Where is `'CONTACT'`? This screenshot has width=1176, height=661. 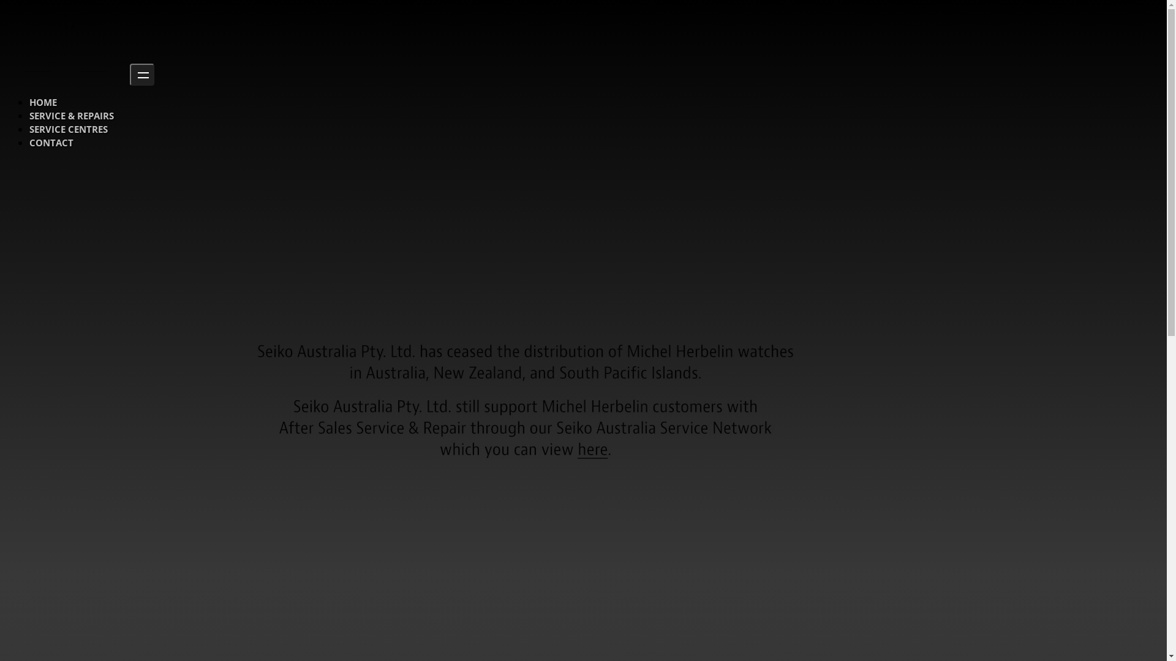 'CONTACT' is located at coordinates (50, 141).